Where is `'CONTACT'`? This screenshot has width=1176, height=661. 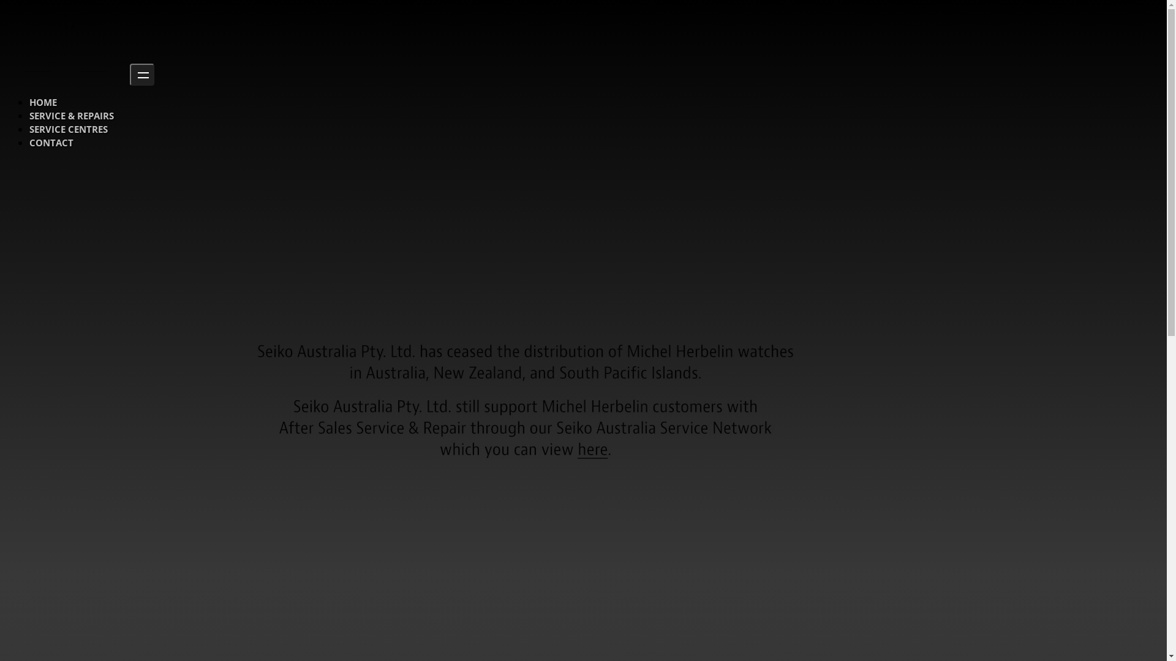 'CONTACT' is located at coordinates (50, 141).